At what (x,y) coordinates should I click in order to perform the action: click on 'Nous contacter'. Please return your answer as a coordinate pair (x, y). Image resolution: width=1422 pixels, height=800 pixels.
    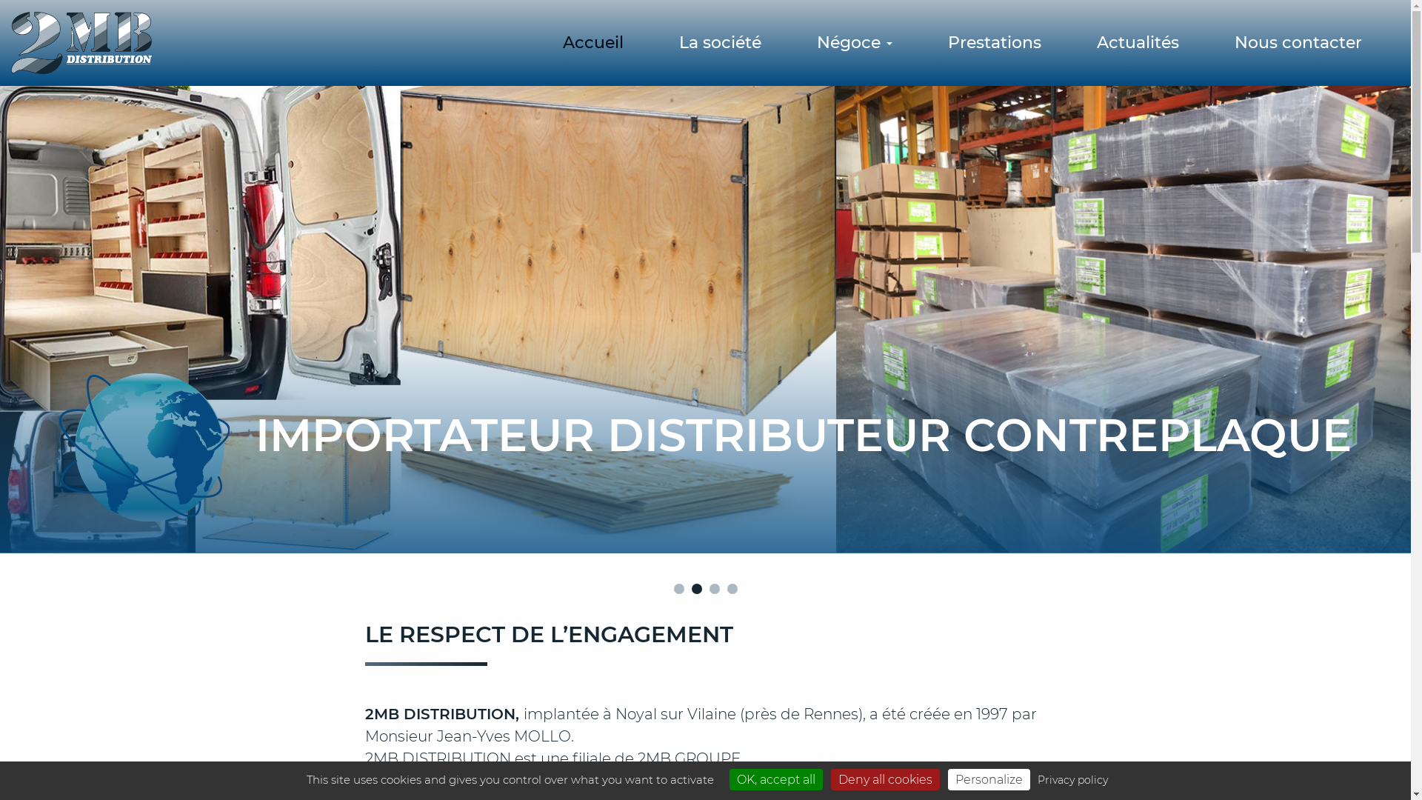
    Looking at the image, I should click on (1297, 41).